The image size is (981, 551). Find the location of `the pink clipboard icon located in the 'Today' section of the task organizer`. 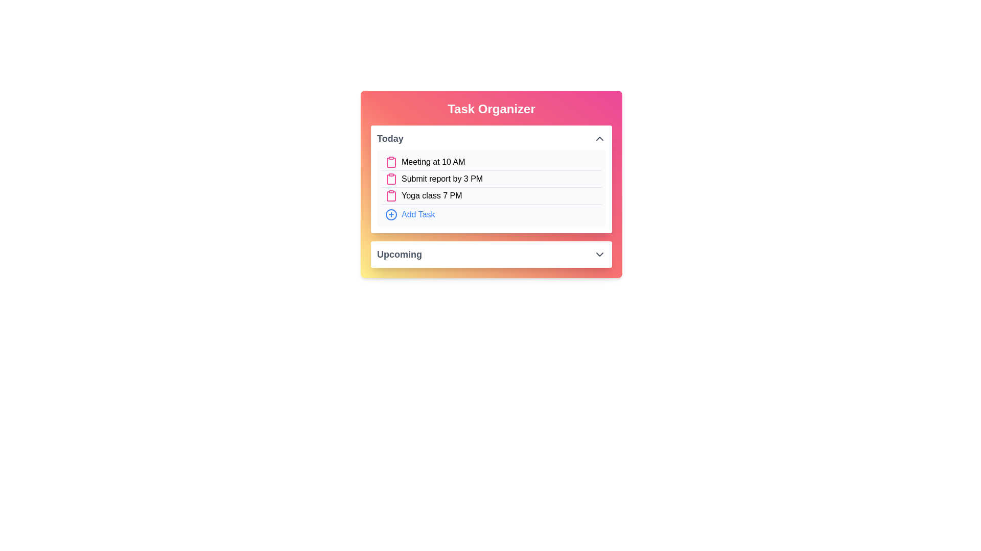

the pink clipboard icon located in the 'Today' section of the task organizer is located at coordinates (391, 162).